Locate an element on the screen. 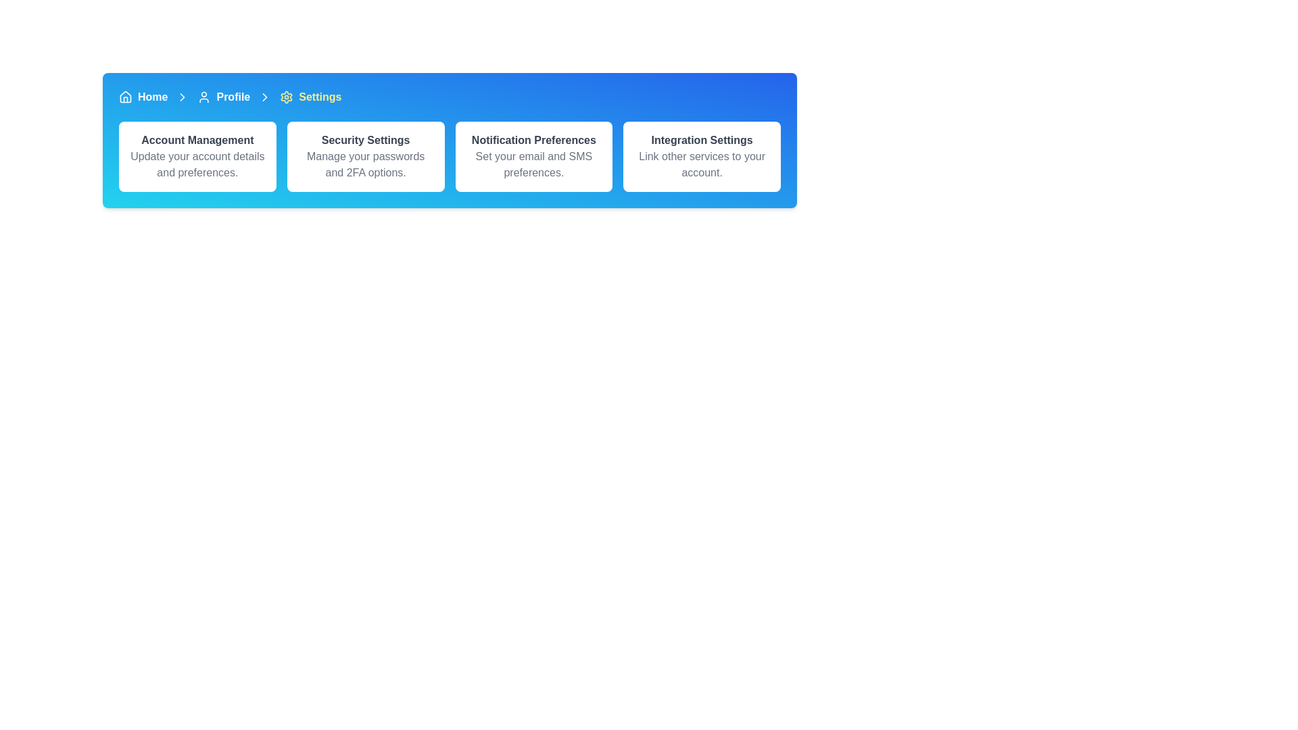 The width and height of the screenshot is (1298, 730). the Informational box titled 'Notification Preferences' is located at coordinates (533, 155).